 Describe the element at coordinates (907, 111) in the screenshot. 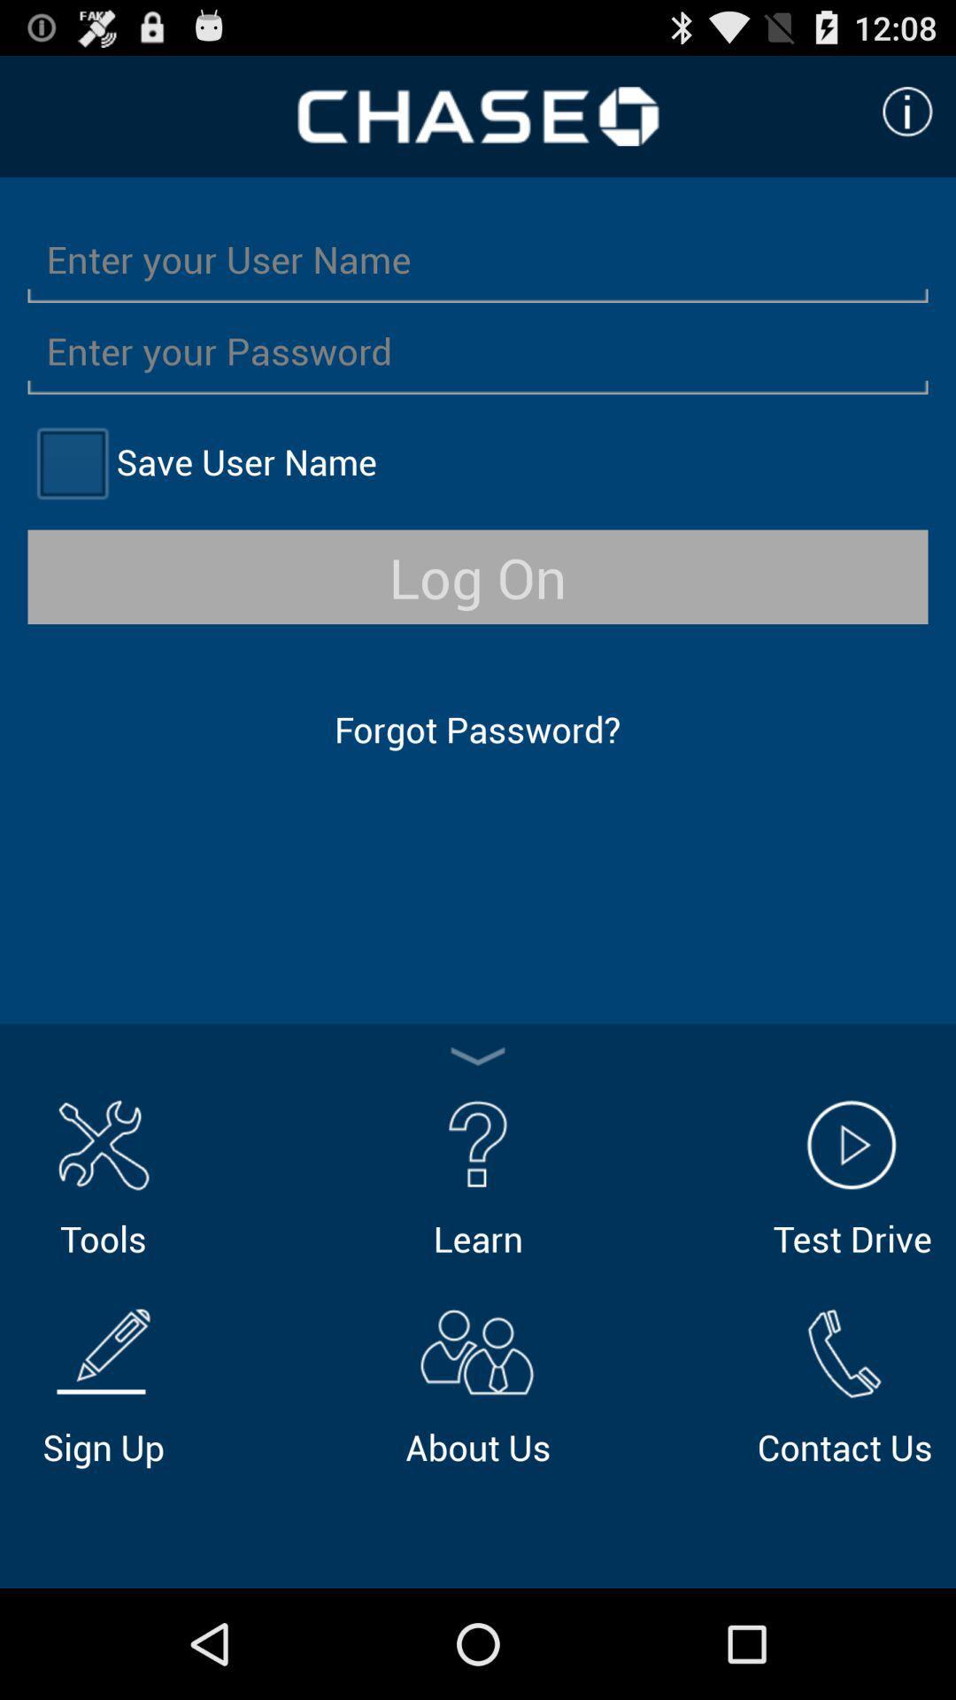

I see `information button` at that location.